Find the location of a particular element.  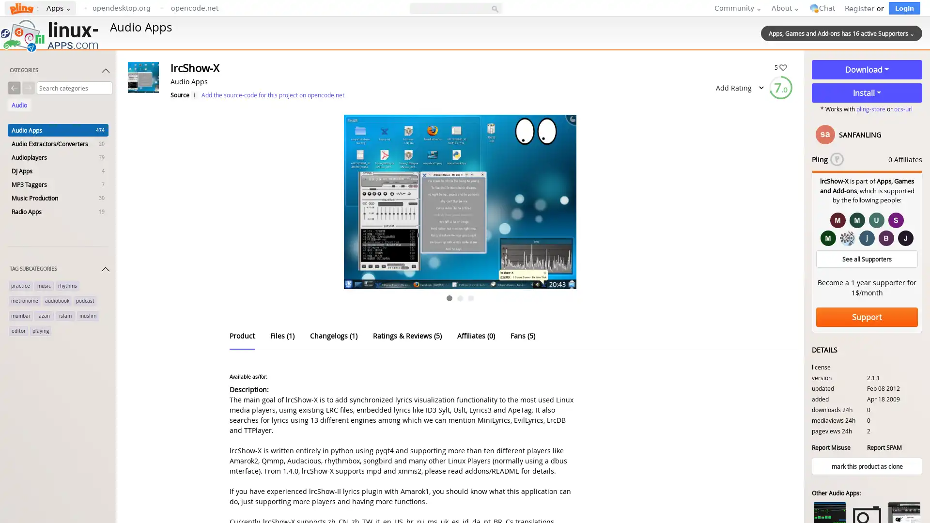

Go to slide 3 is located at coordinates (471, 298).